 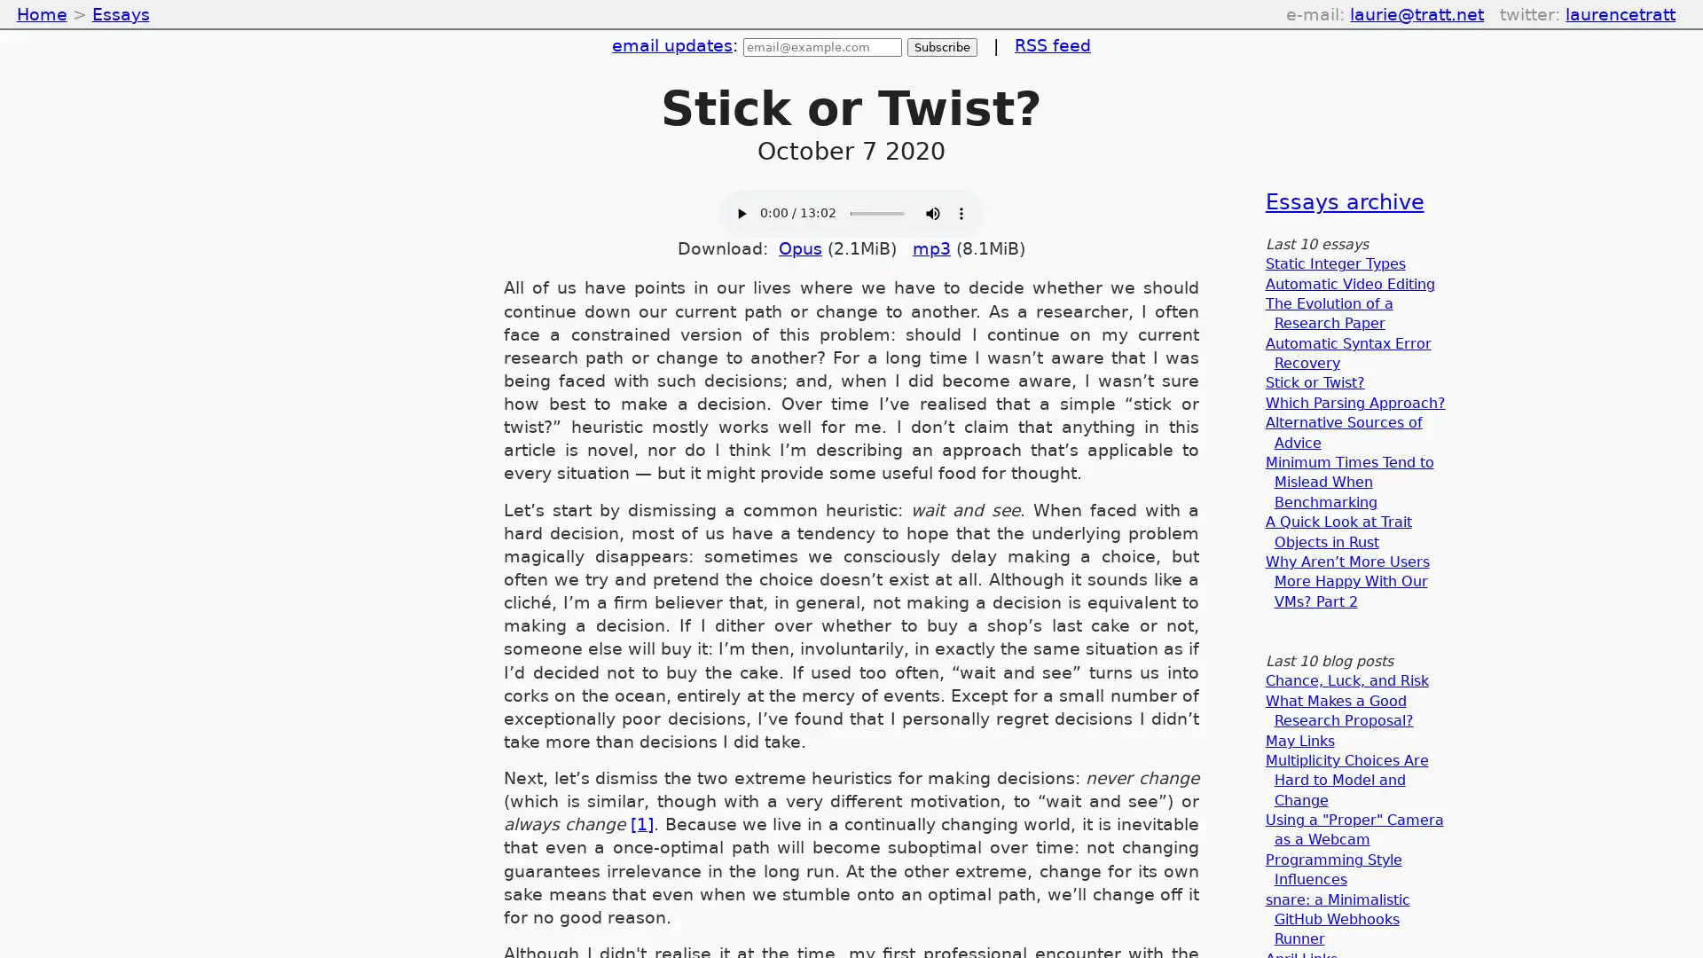 What do you see at coordinates (741, 211) in the screenshot?
I see `play` at bounding box center [741, 211].